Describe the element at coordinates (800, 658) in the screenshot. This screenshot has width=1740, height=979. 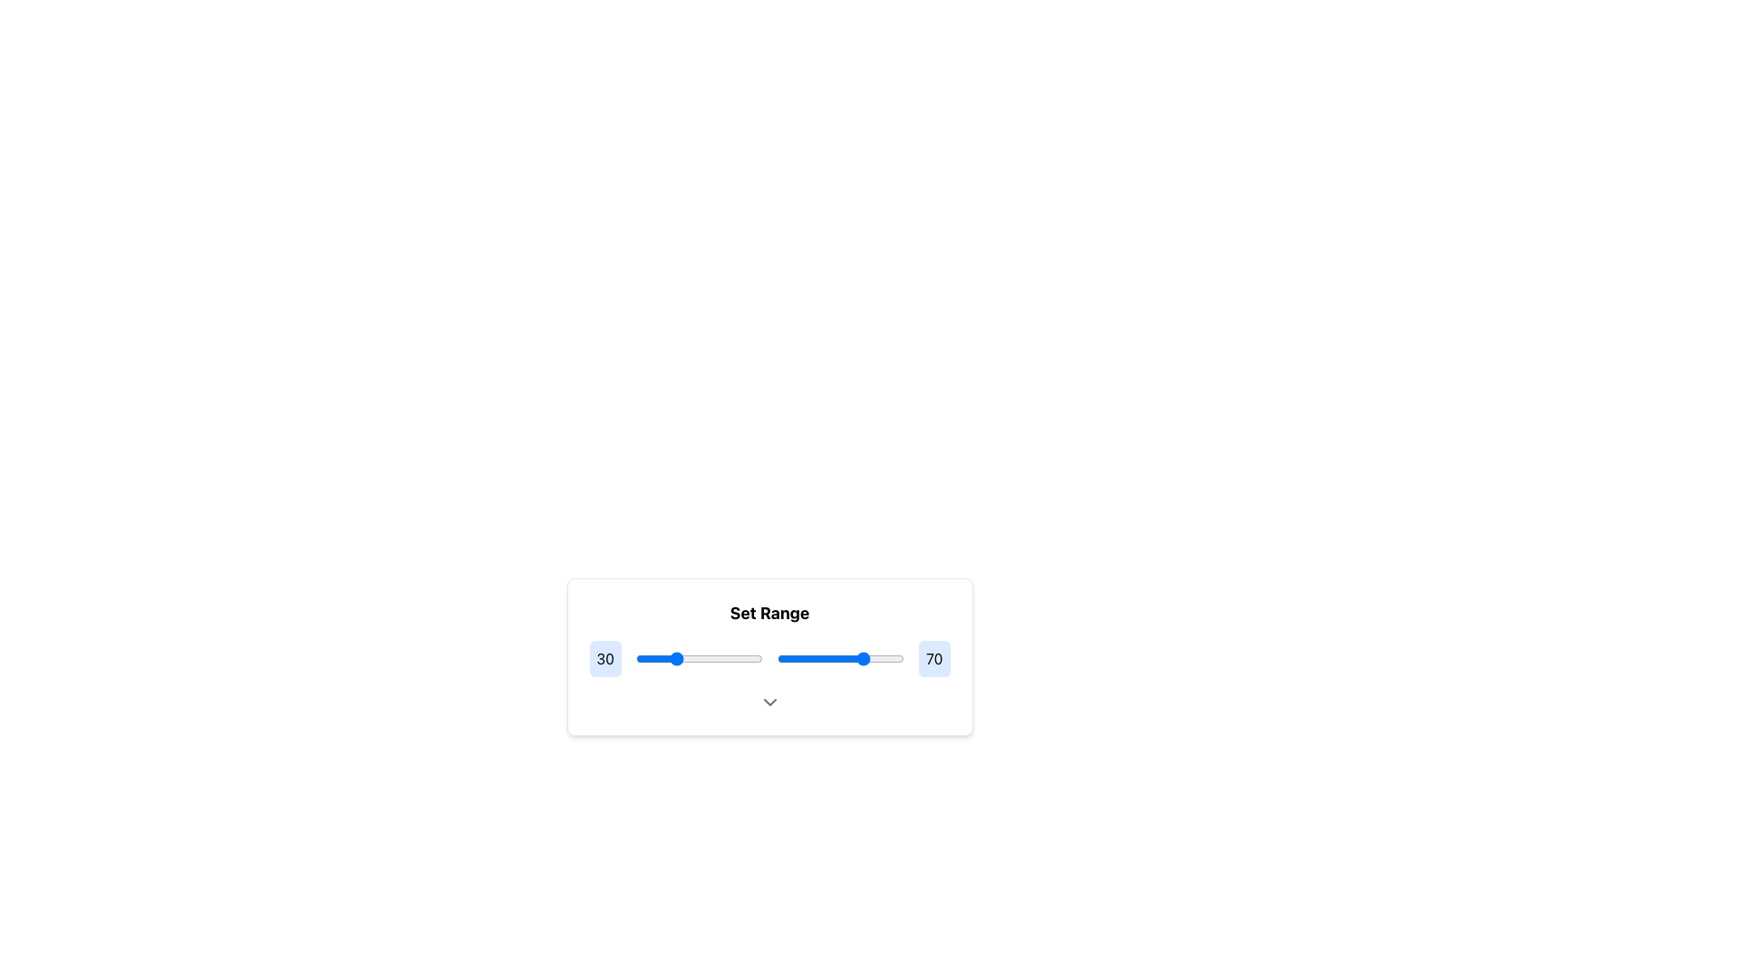
I see `the slider value` at that location.